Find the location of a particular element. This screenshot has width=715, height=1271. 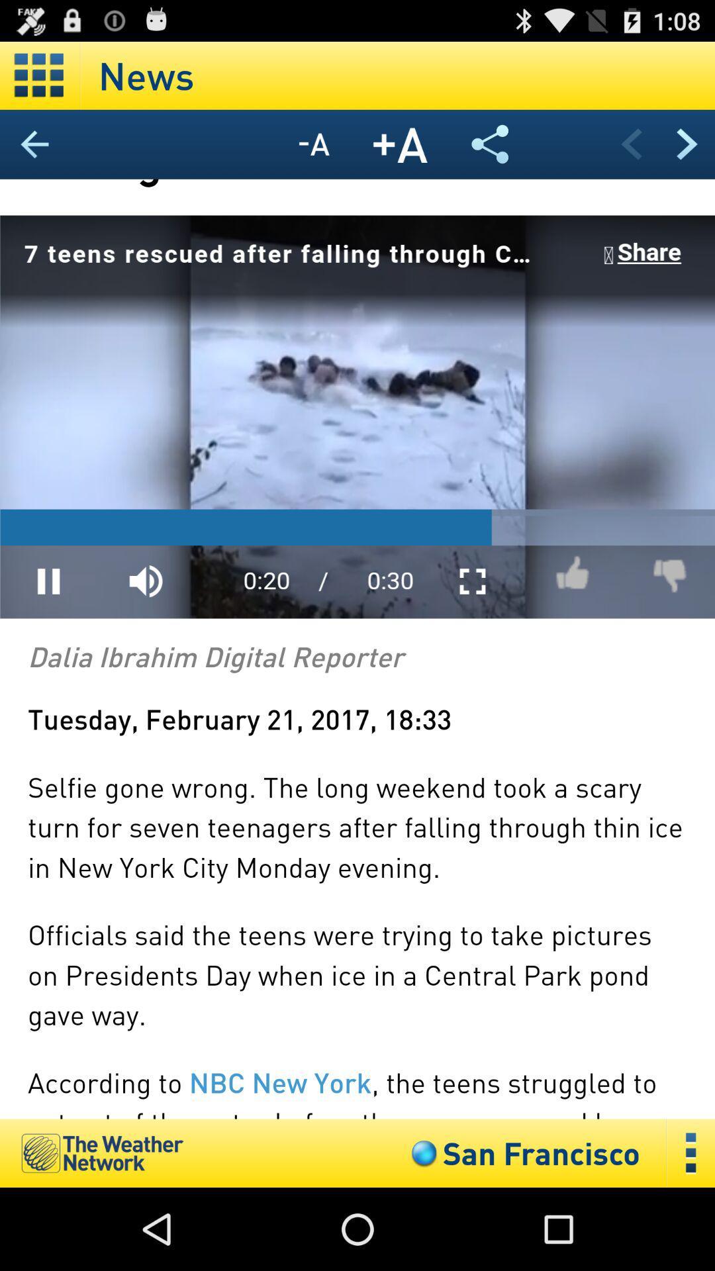

go back is located at coordinates (39, 144).